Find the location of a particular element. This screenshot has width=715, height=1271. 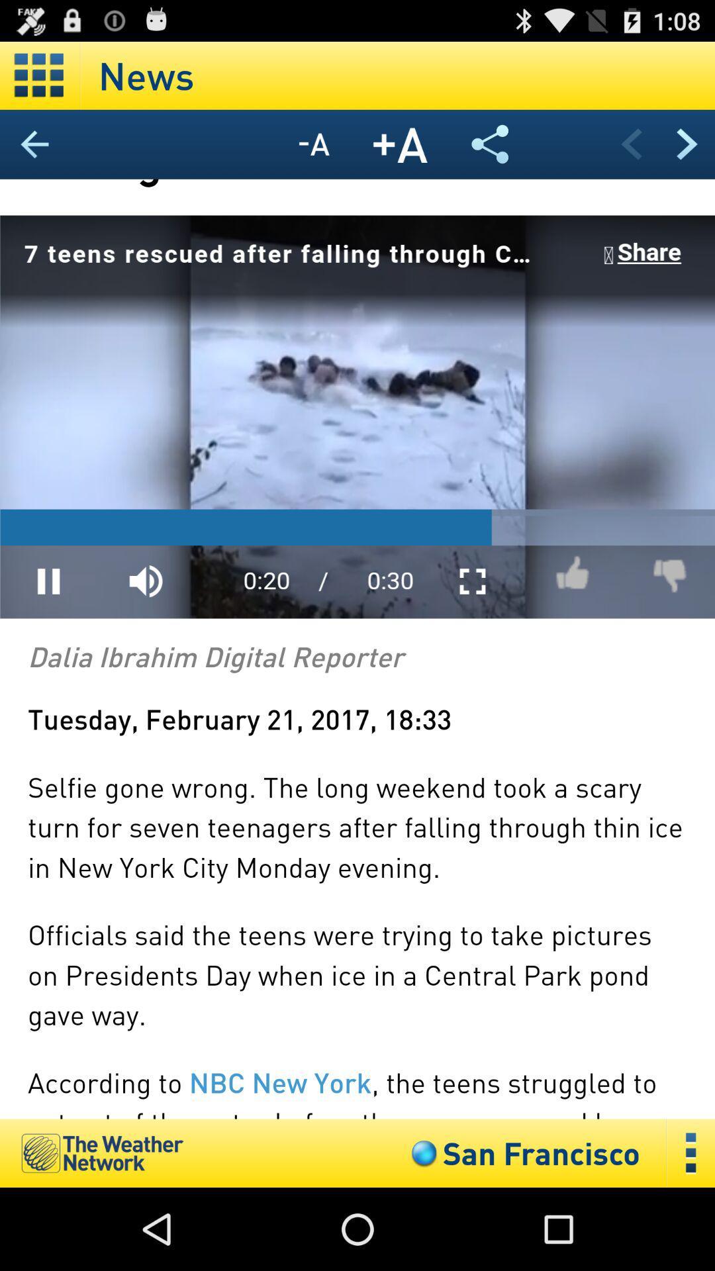

go back is located at coordinates (39, 144).